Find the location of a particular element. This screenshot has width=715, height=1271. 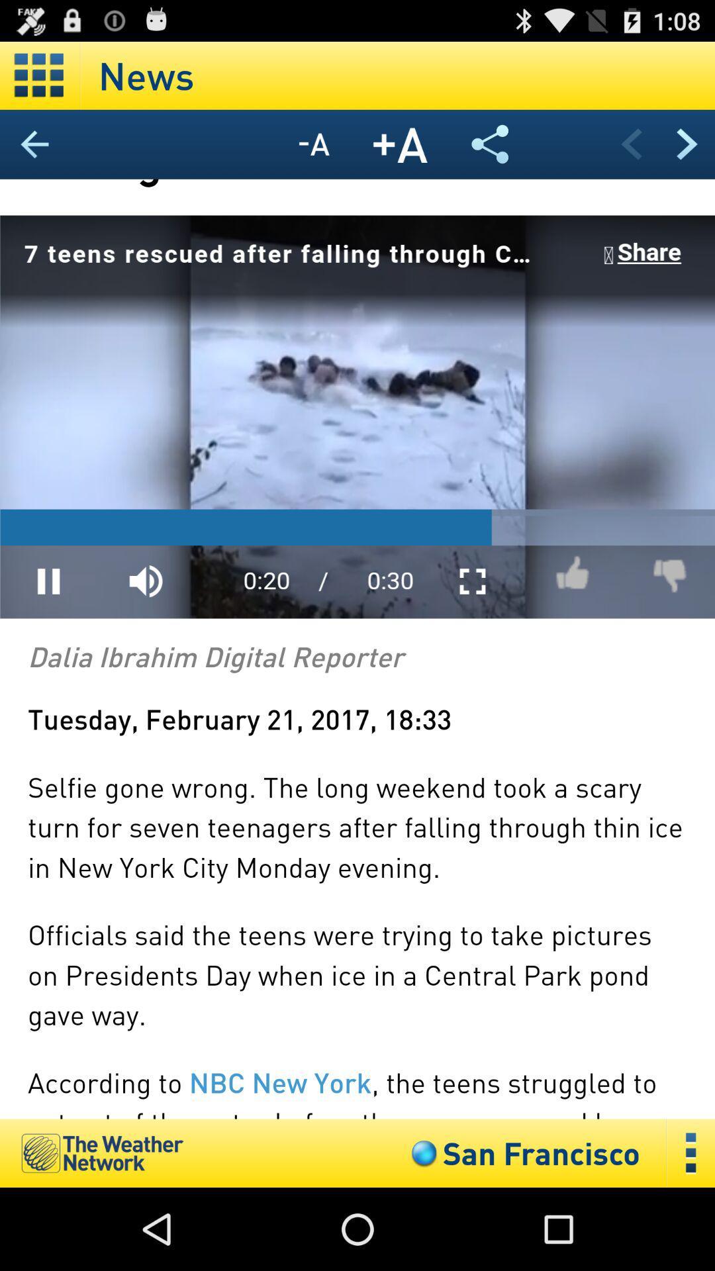

go back is located at coordinates (39, 144).